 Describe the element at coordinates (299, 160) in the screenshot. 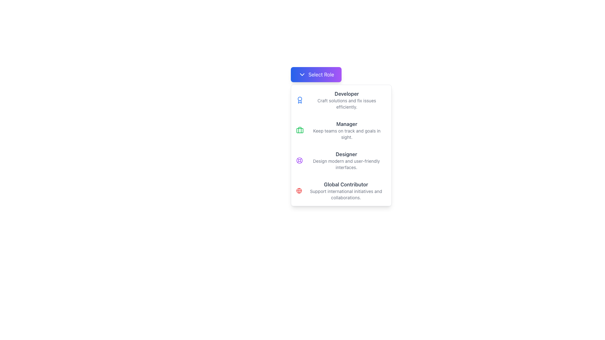

I see `the innermost circular part of the lifebuoy icon that serves as a decorative component for the 'Designer' role in the dropdown menu` at that location.